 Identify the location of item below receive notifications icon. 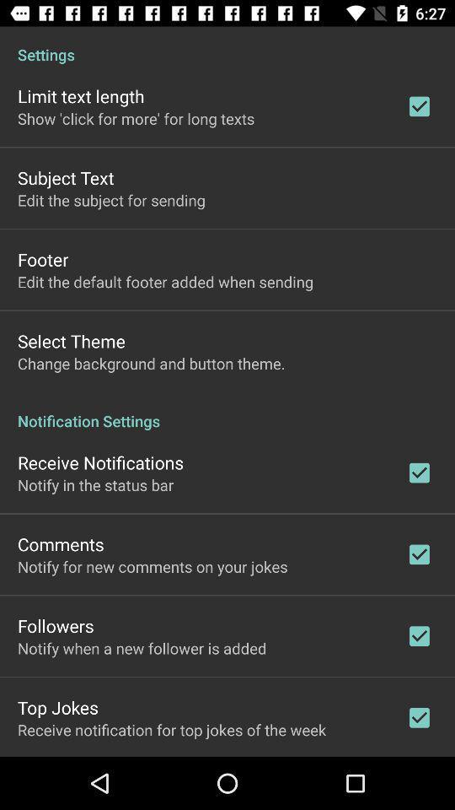
(95, 484).